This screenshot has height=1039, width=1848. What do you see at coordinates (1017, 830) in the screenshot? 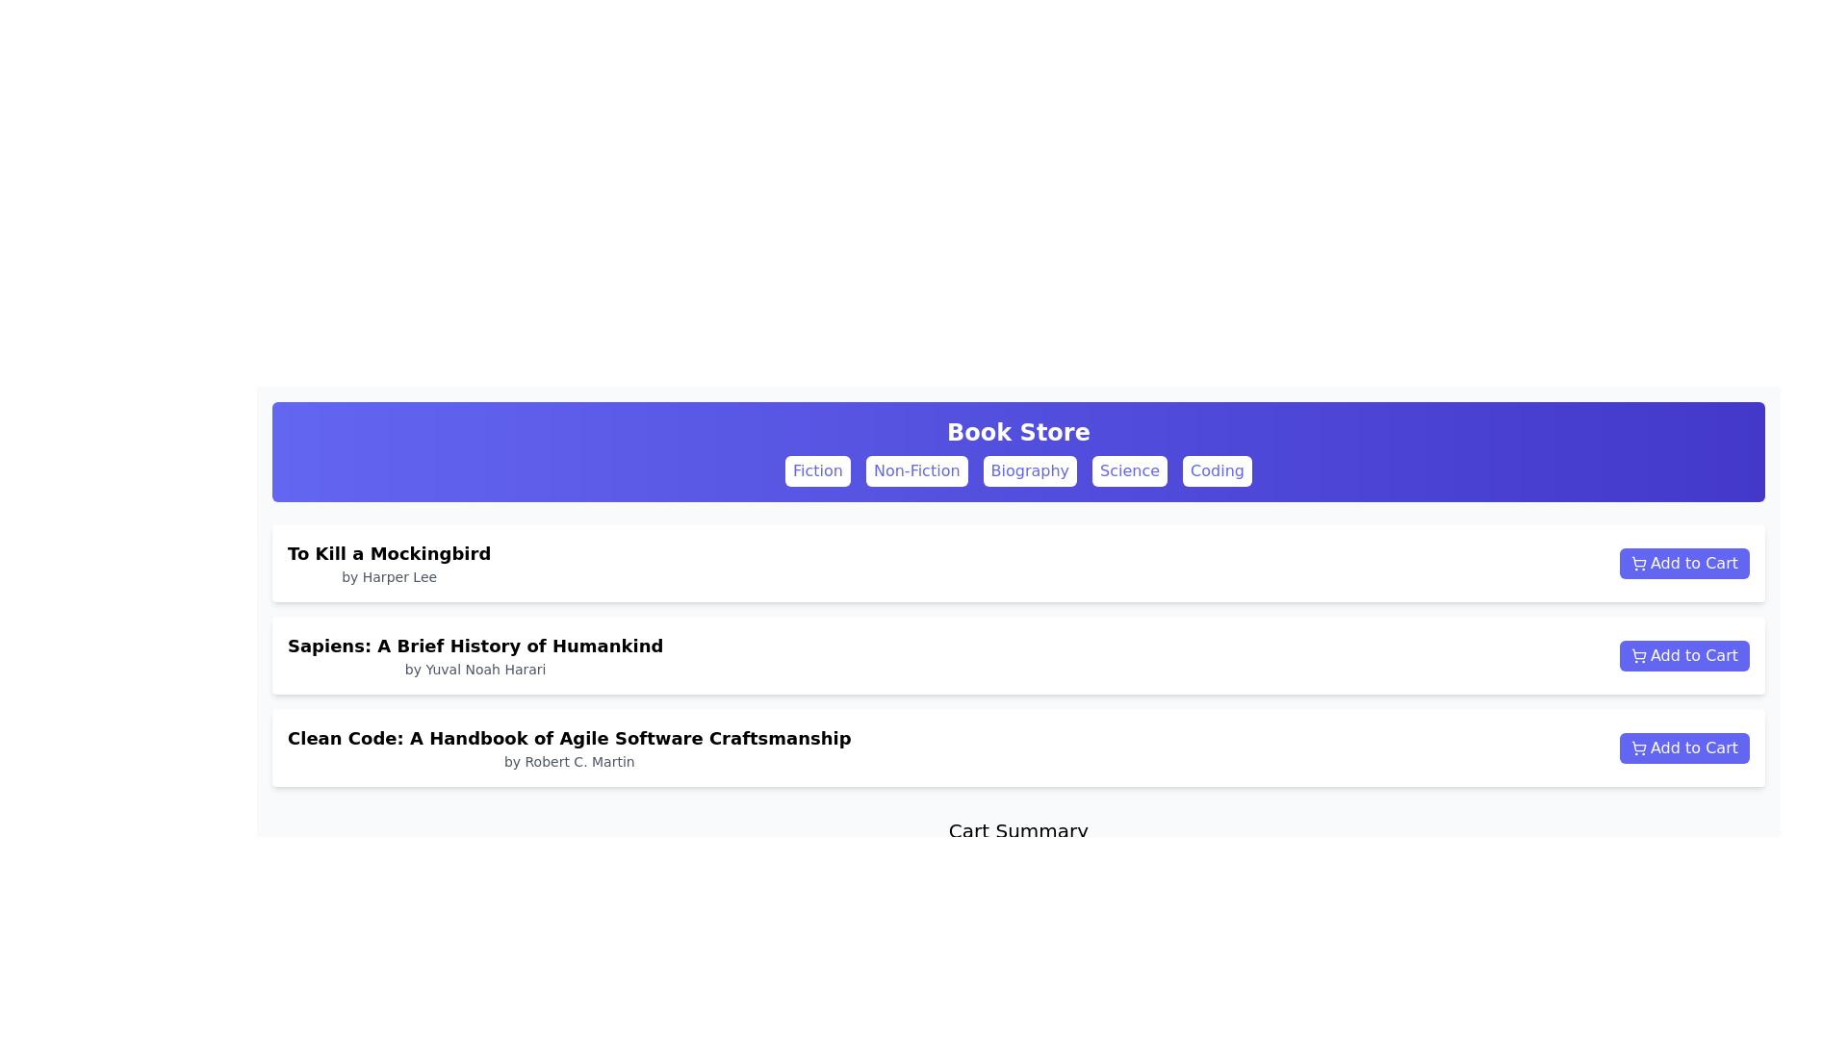
I see `the 'Cart Summary' text label, which is a clear and bold font element positioned at the bottom of a section containing book items` at bounding box center [1017, 830].